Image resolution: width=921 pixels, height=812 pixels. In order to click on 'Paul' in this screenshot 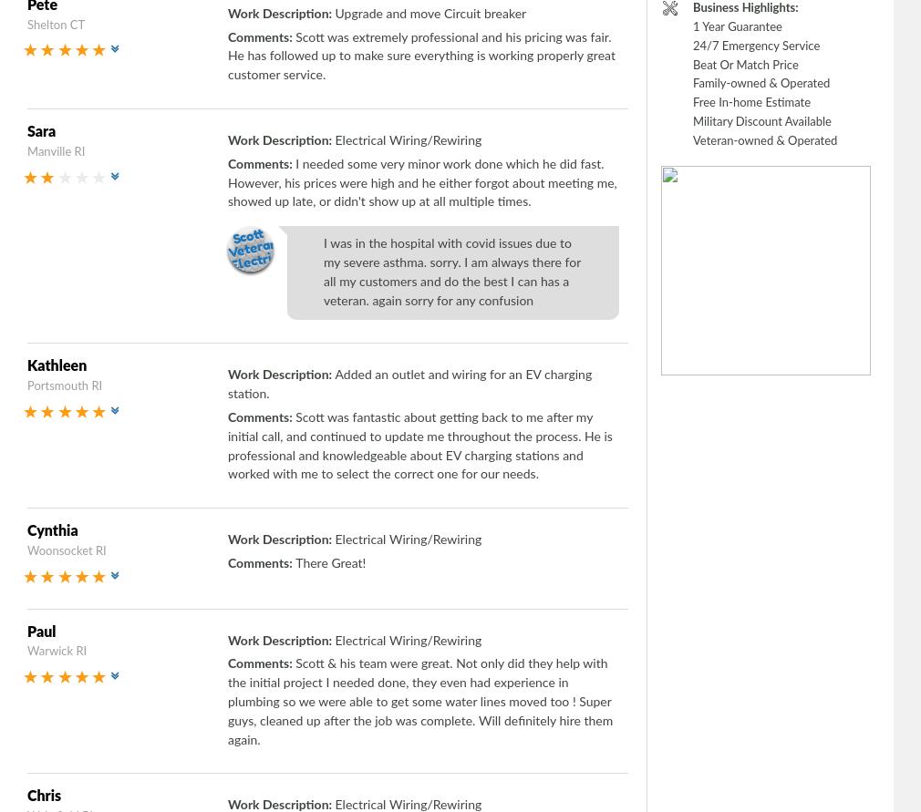, I will do `click(40, 631)`.